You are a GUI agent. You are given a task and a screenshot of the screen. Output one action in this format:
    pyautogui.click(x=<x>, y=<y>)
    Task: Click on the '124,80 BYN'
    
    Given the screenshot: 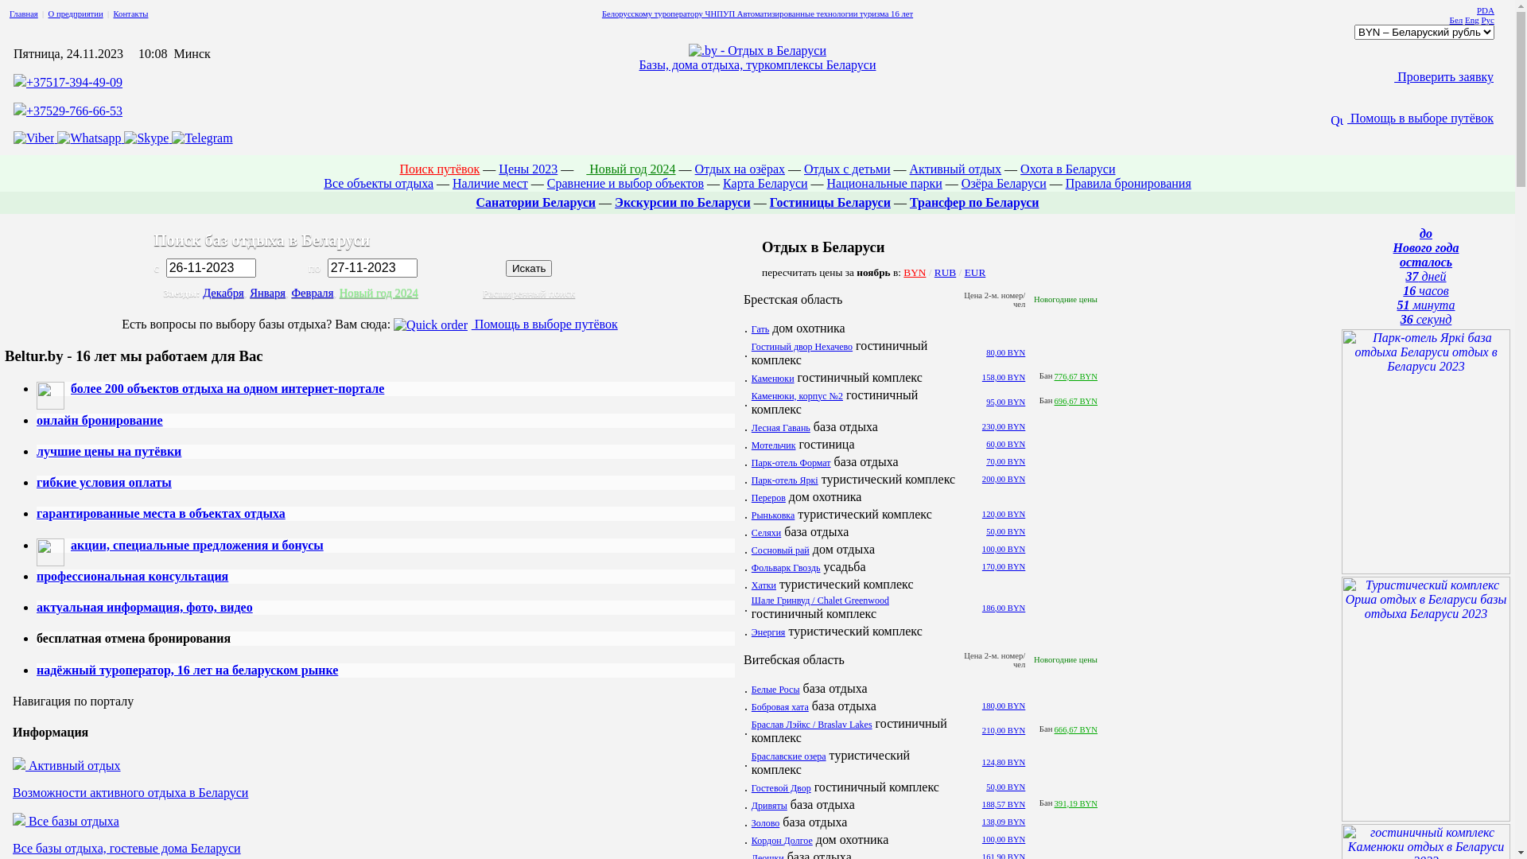 What is the action you would take?
    pyautogui.click(x=1003, y=761)
    